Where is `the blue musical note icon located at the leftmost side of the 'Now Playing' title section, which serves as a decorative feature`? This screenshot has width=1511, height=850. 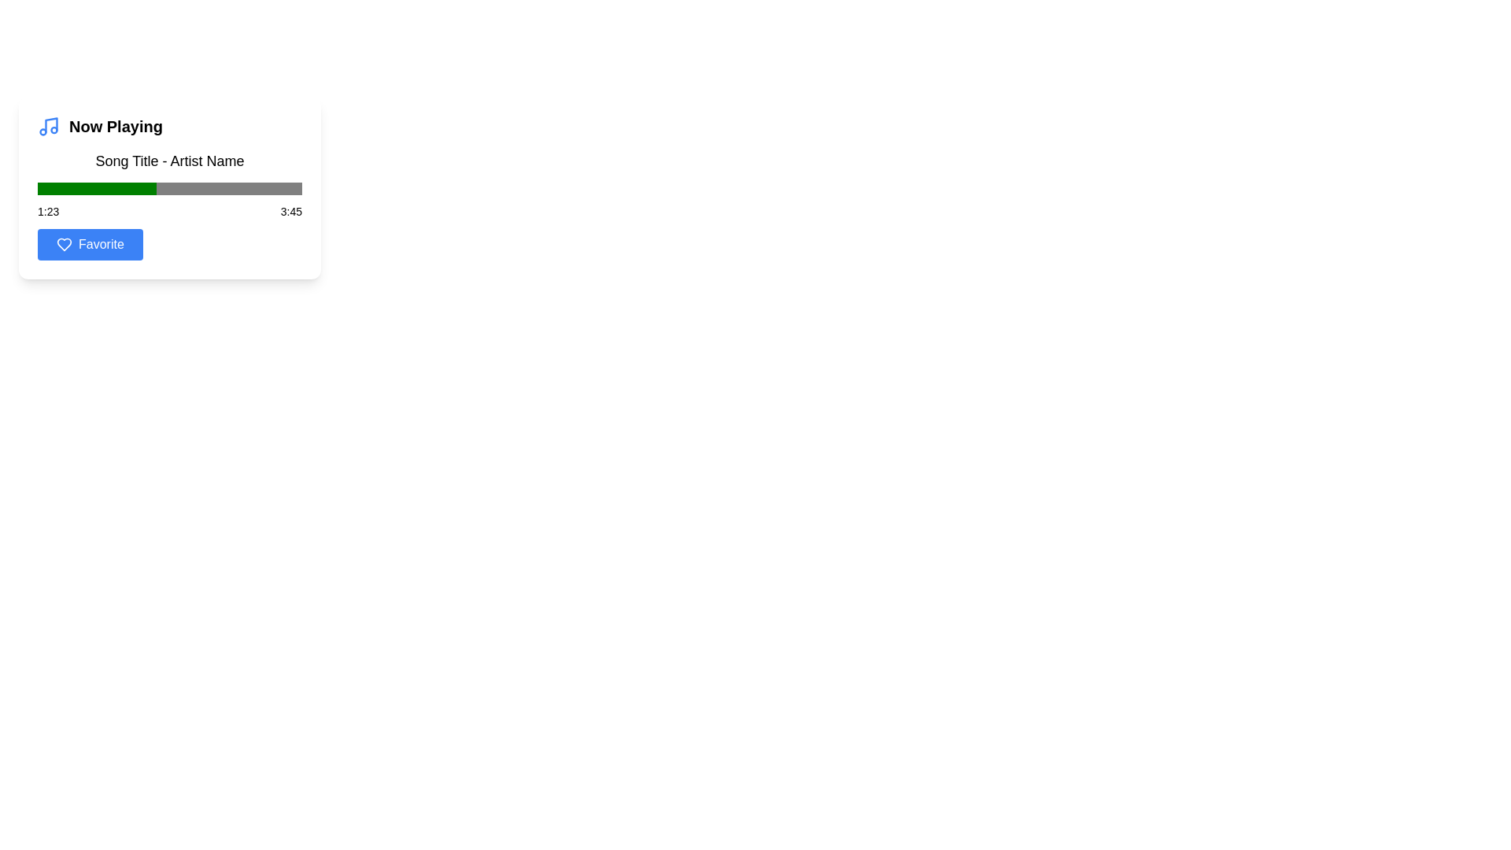 the blue musical note icon located at the leftmost side of the 'Now Playing' title section, which serves as a decorative feature is located at coordinates (49, 126).